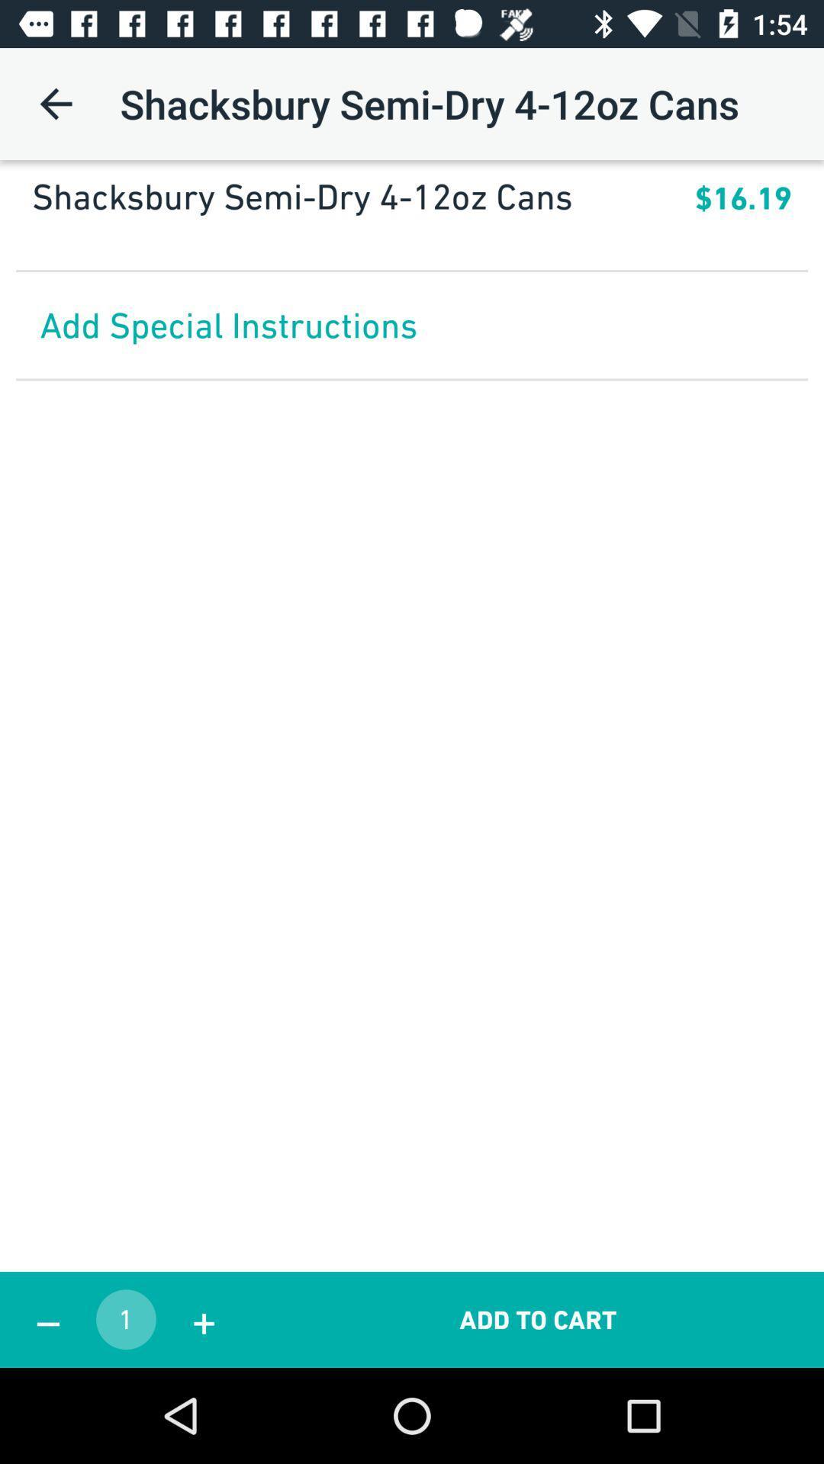  Describe the element at coordinates (55, 103) in the screenshot. I see `the icon above shacksbury semi dry item` at that location.